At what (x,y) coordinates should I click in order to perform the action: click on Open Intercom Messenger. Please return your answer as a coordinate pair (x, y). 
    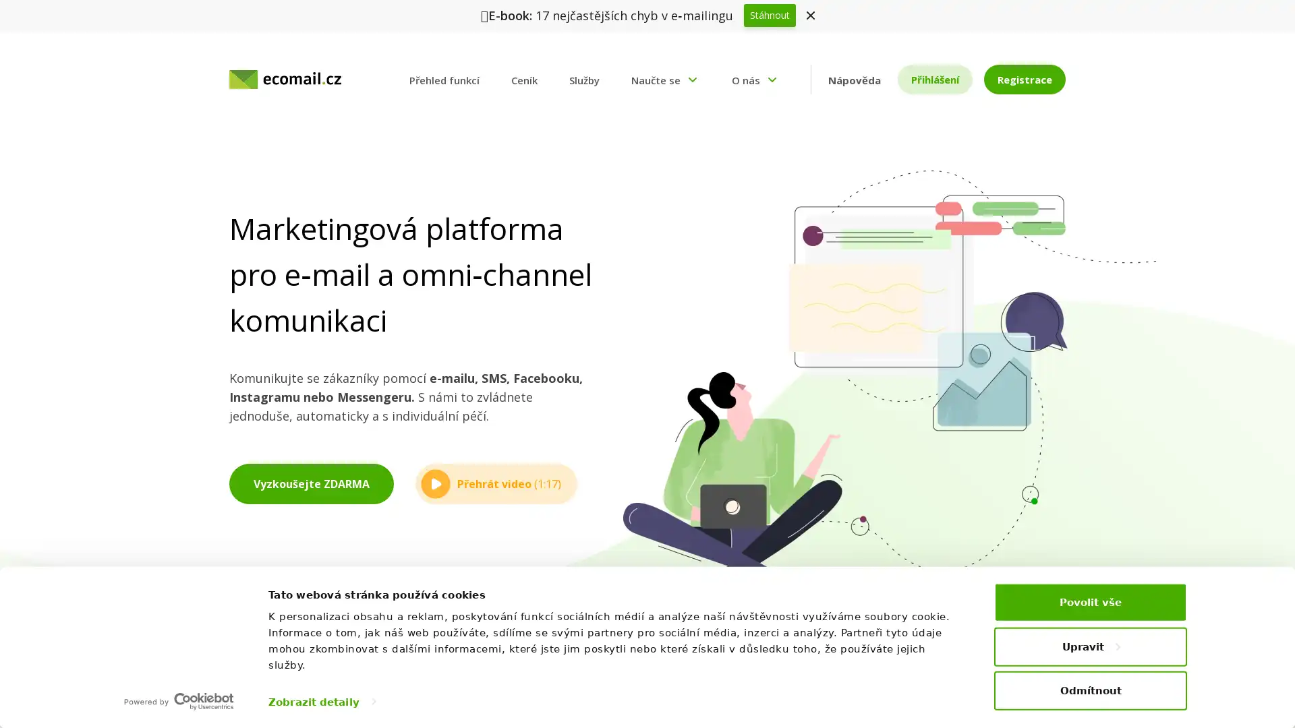
    Looking at the image, I should click on (1261, 694).